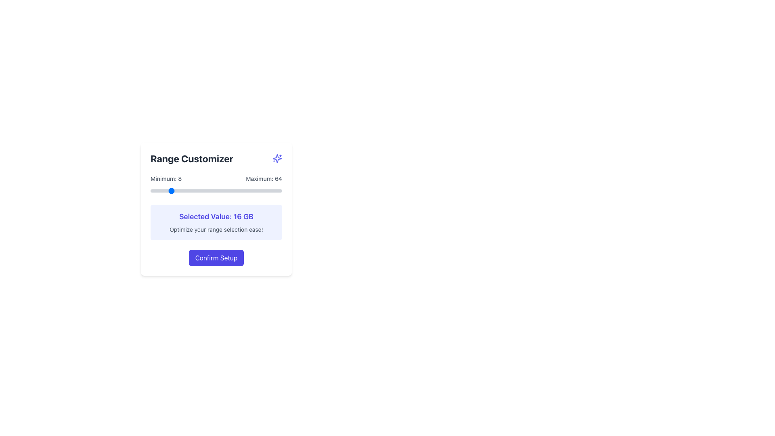  Describe the element at coordinates (216, 178) in the screenshot. I see `text label indicating the minimum value of 8 and the maximum value of 64, which is positioned horizontally above the slider bar` at that location.